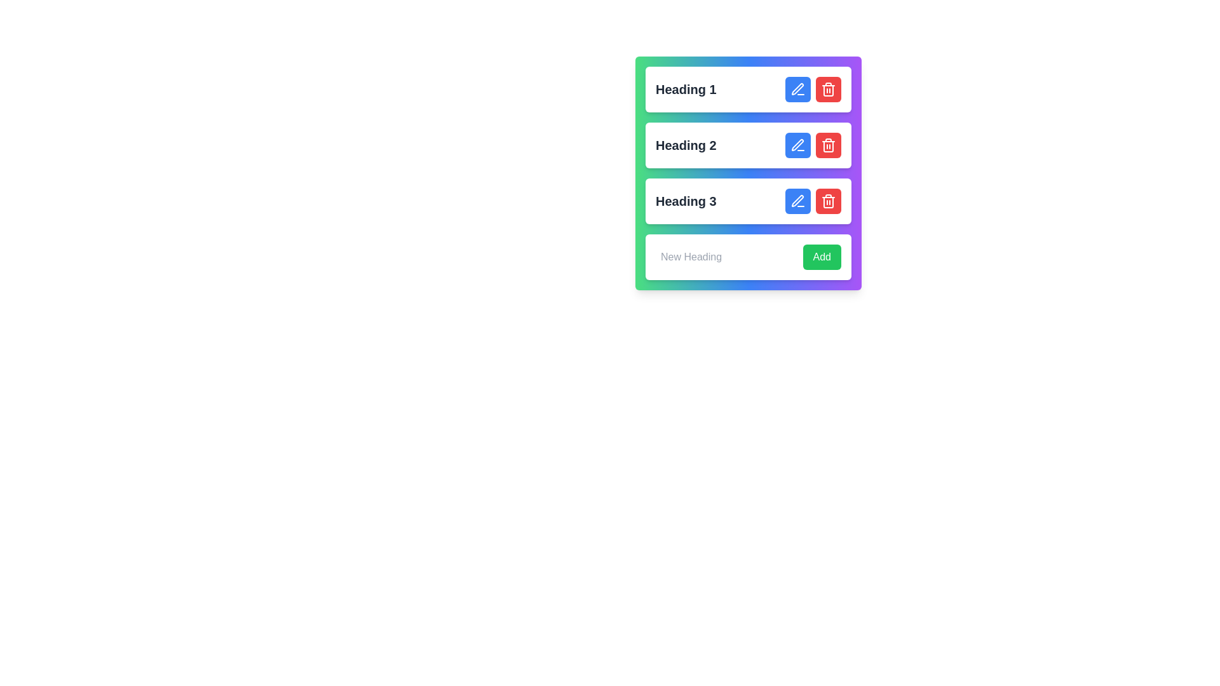  Describe the element at coordinates (797, 200) in the screenshot. I see `the blue pen-shaped button located to the right of the 'Heading 3' label` at that location.